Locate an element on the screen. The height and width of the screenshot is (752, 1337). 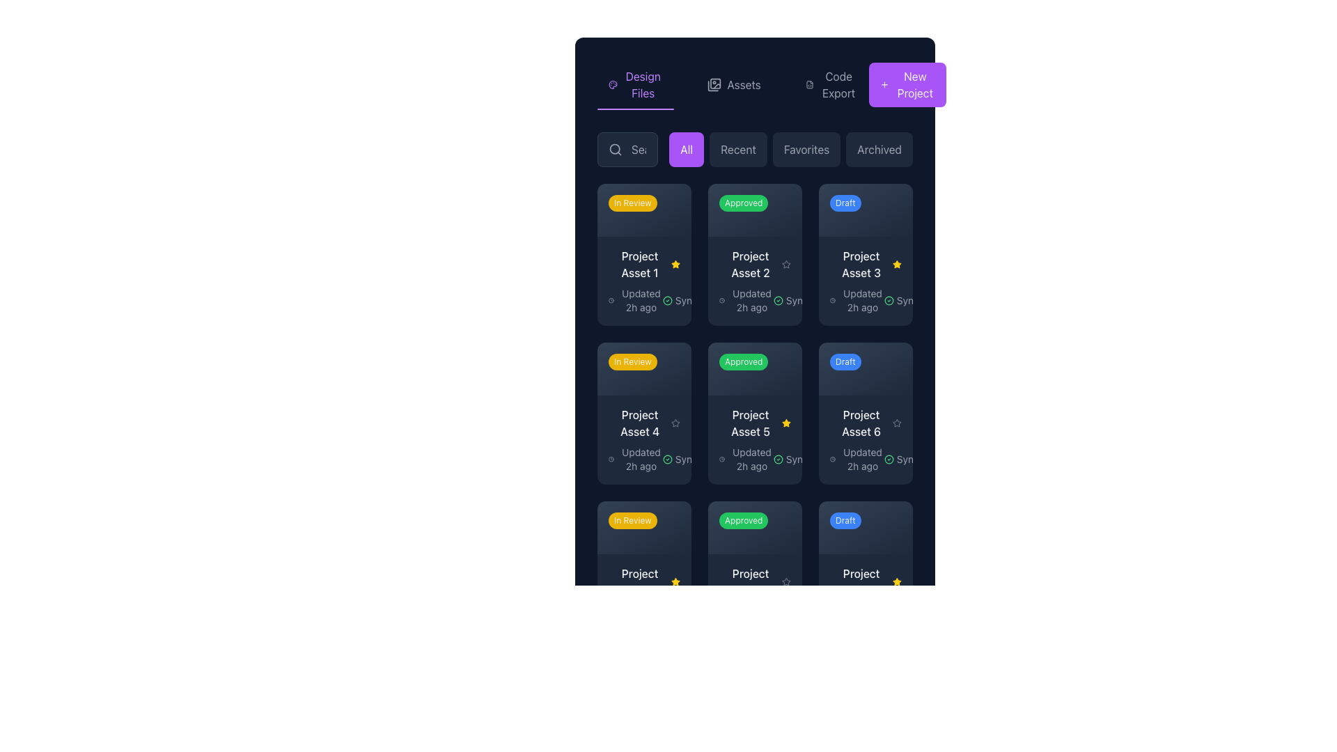
the 'Approved' status badge located in the upper-left corner of the project details card is located at coordinates (743, 203).